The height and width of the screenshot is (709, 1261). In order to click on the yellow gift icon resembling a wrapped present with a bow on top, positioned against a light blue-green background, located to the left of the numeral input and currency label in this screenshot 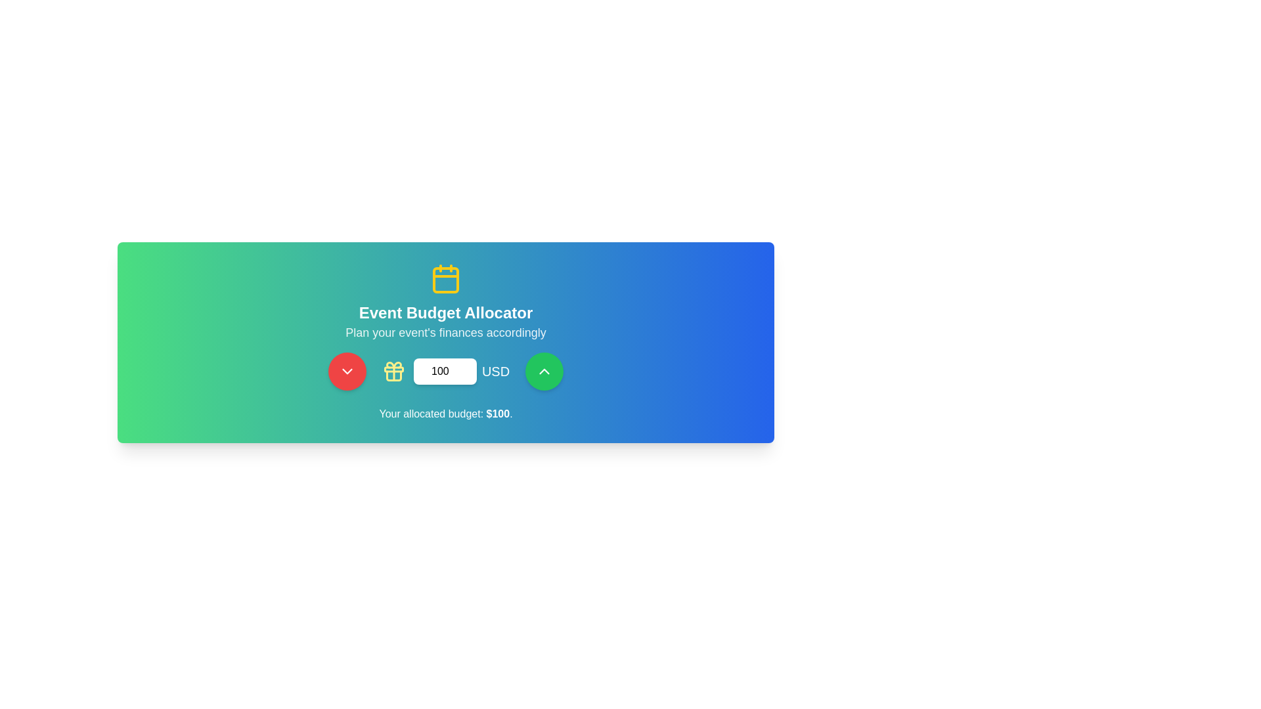, I will do `click(393, 372)`.